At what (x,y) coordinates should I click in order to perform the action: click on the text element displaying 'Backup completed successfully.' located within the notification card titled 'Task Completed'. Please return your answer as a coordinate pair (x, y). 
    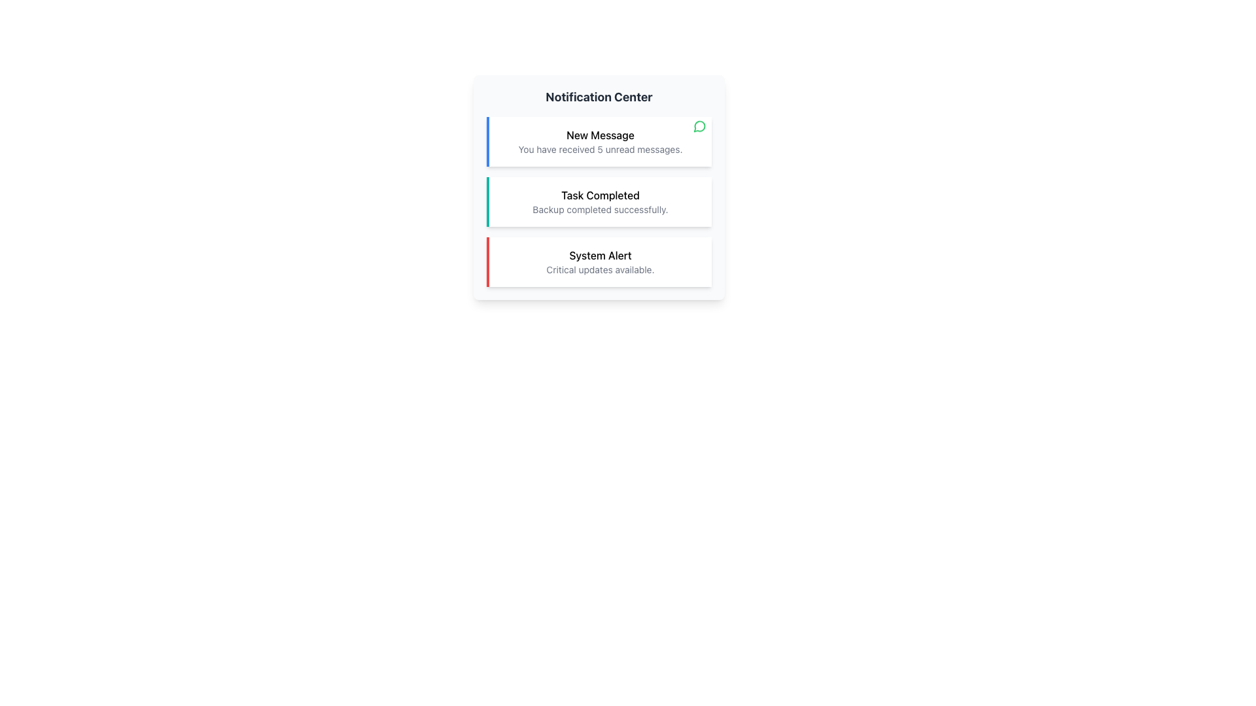
    Looking at the image, I should click on (599, 209).